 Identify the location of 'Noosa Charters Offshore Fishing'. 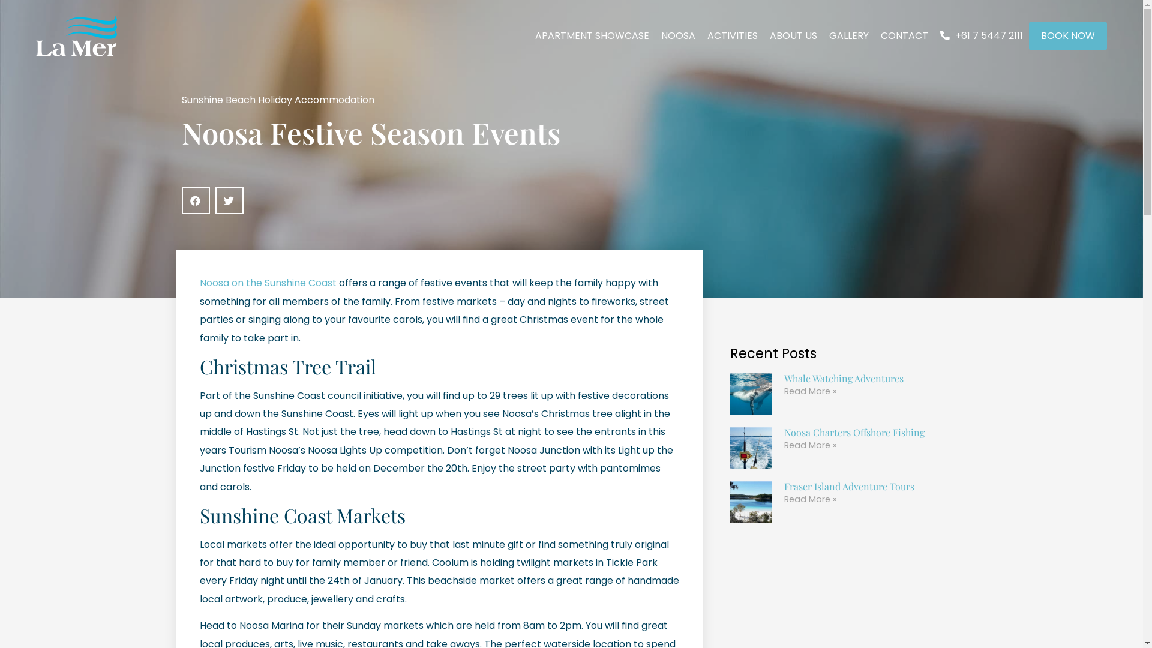
(854, 432).